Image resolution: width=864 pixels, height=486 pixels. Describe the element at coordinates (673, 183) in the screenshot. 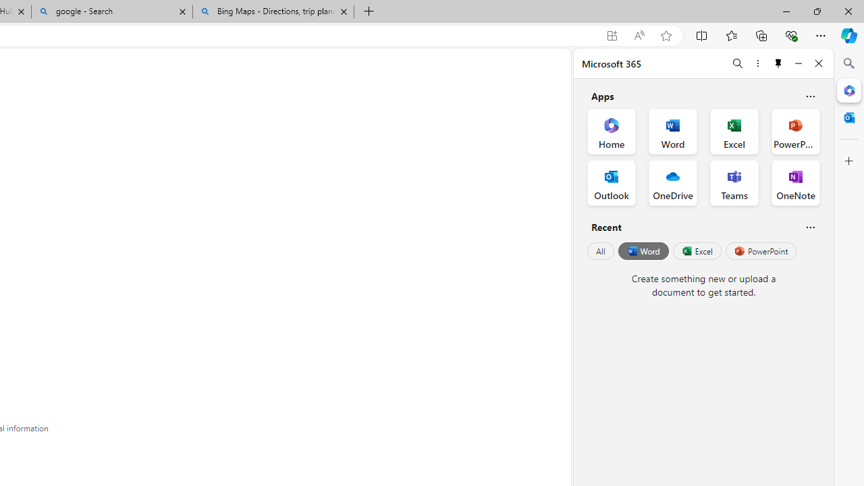

I see `'OneDrive Office App'` at that location.